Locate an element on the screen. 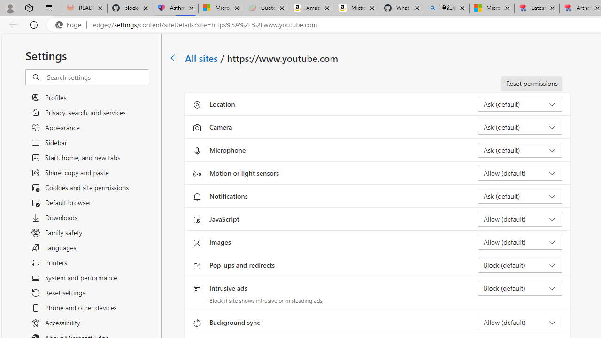  'Microphone Ask (default)' is located at coordinates (519, 150).